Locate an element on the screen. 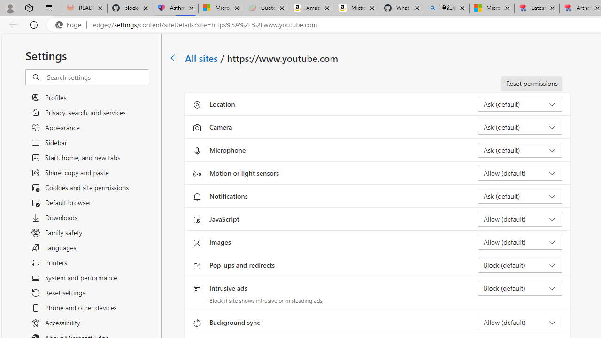  'Microphone Ask (default)' is located at coordinates (519, 150).